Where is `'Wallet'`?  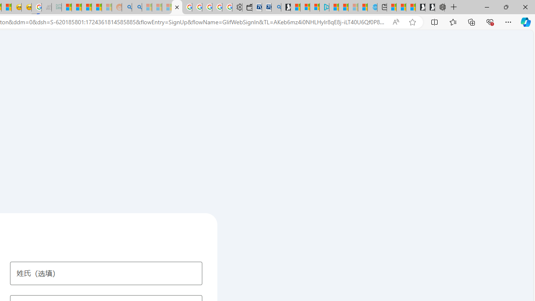
'Wallet' is located at coordinates (247, 7).